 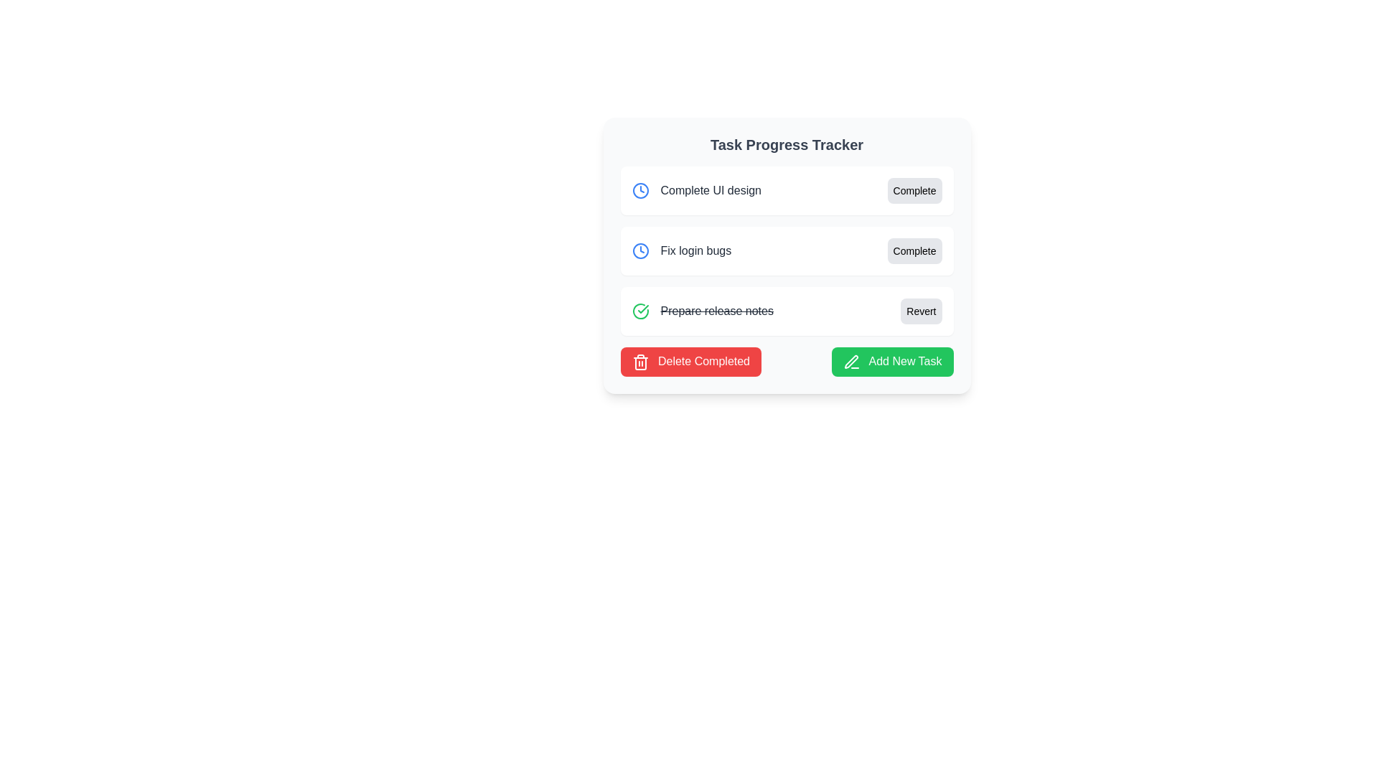 What do you see at coordinates (703, 311) in the screenshot?
I see `the text label with a green checkmark icon that says 'Prepare release notes', styled with a strikethrough effect, located in the bottom task row of the Task Progress Tracker interface` at bounding box center [703, 311].